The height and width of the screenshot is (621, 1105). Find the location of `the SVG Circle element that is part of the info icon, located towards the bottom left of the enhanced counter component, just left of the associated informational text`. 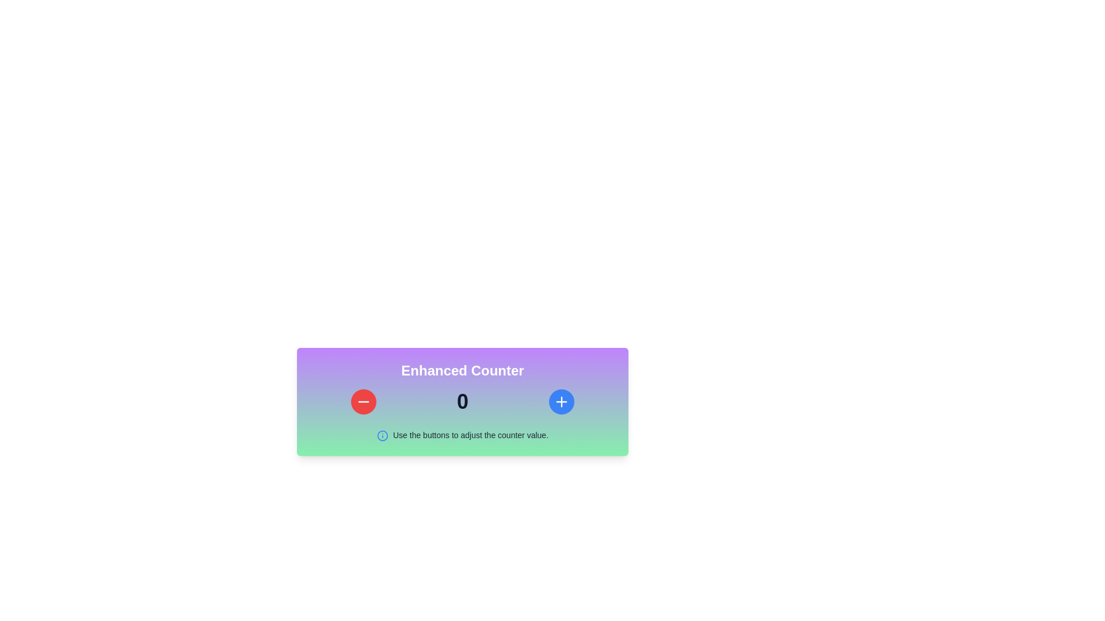

the SVG Circle element that is part of the info icon, located towards the bottom left of the enhanced counter component, just left of the associated informational text is located at coordinates (382, 435).